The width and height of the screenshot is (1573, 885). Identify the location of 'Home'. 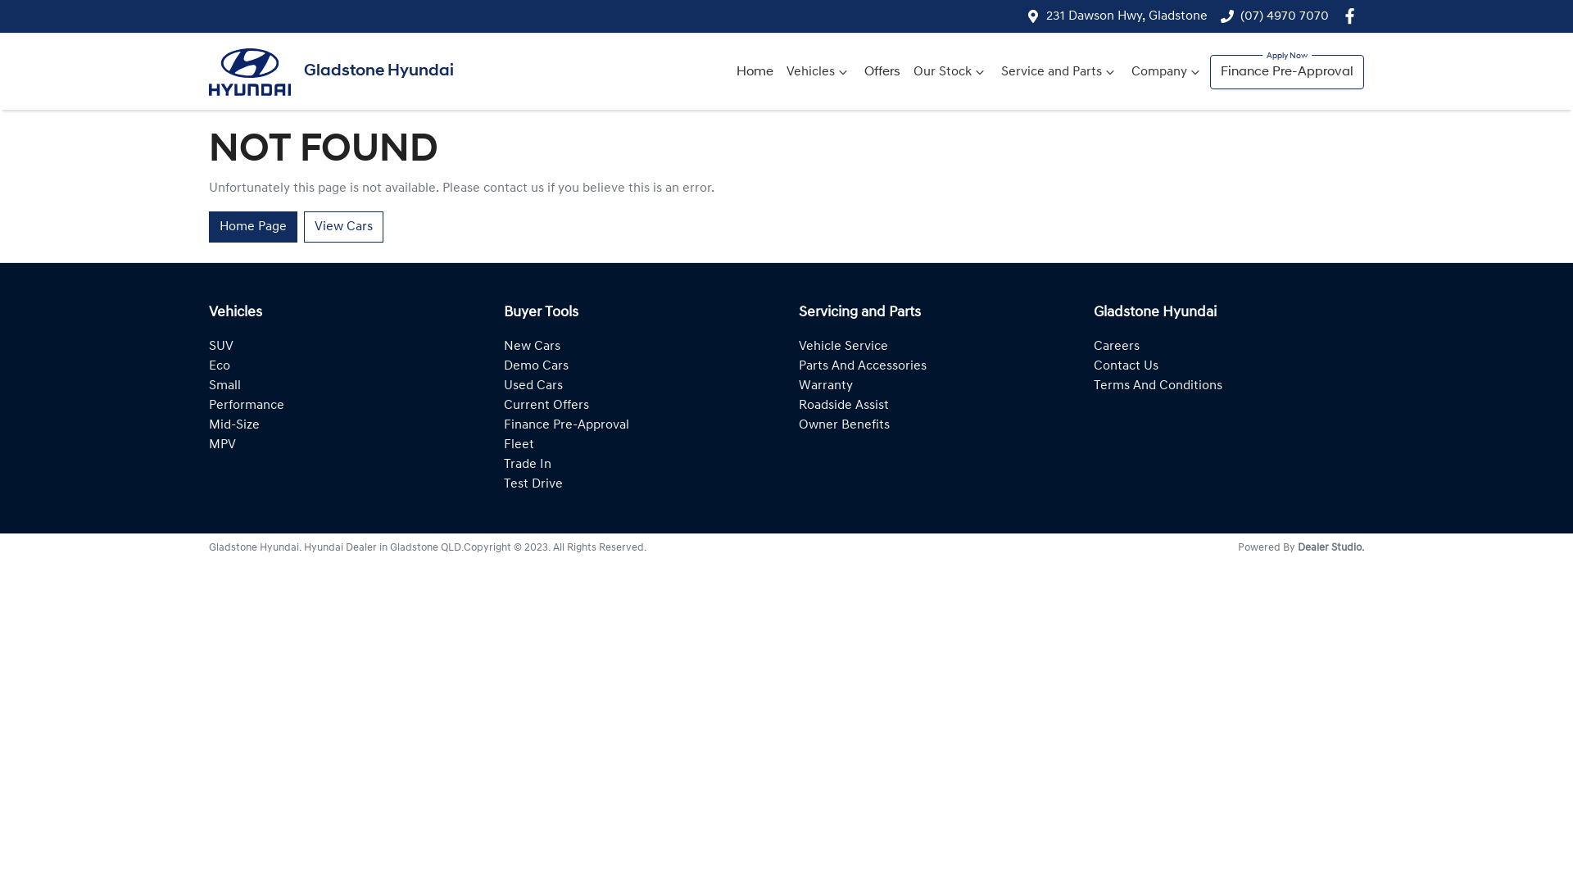
(754, 71).